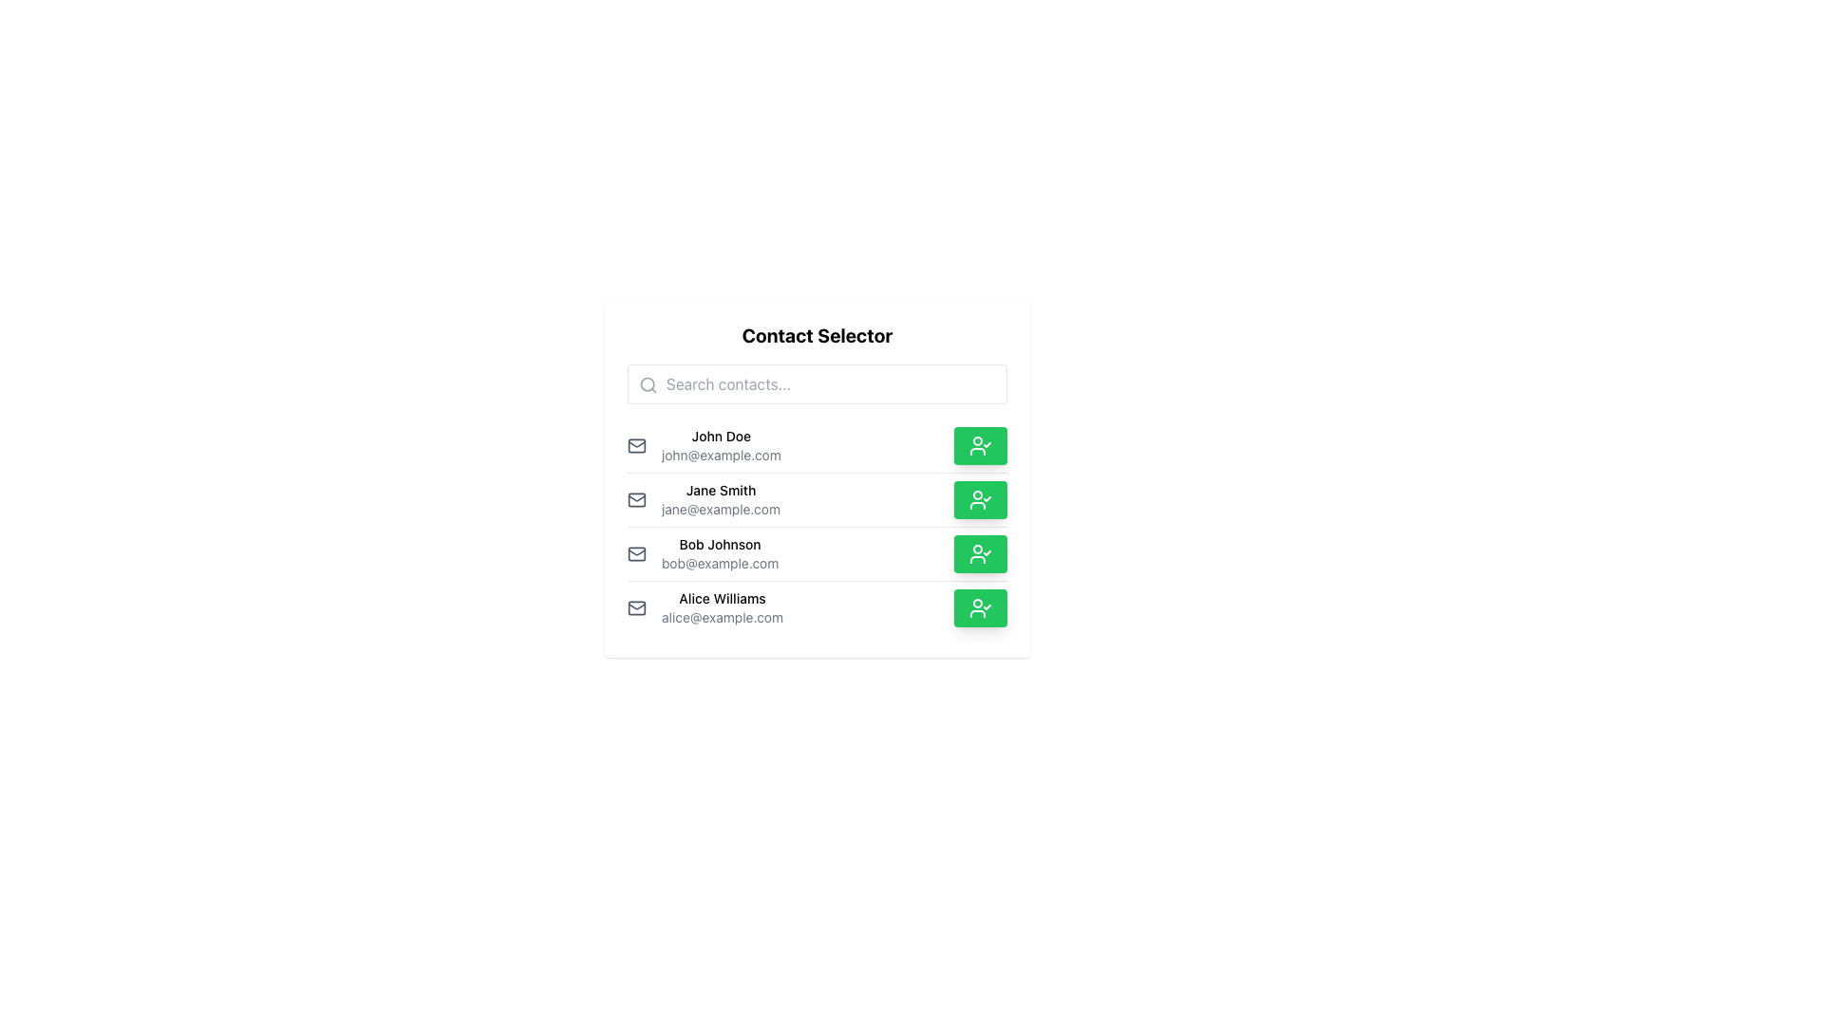 The height and width of the screenshot is (1025, 1823). Describe the element at coordinates (980, 553) in the screenshot. I see `the SVG icon inside the green button for 'Bob Johnson'` at that location.